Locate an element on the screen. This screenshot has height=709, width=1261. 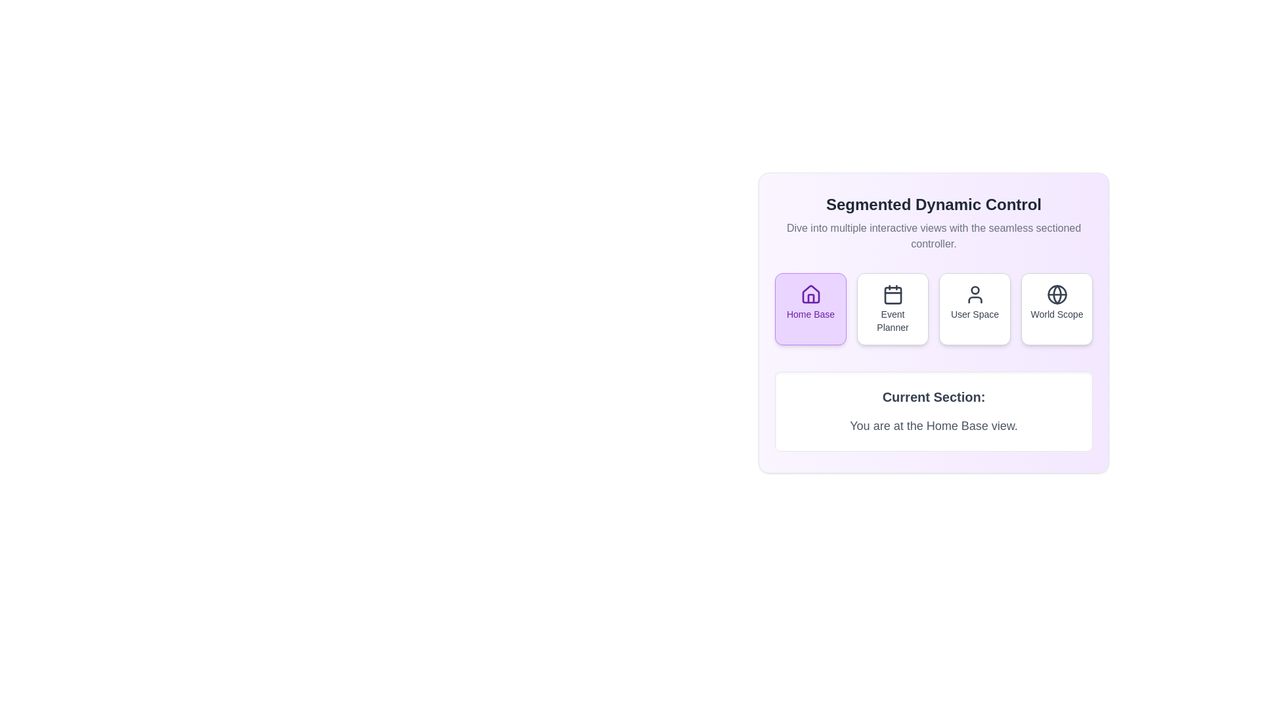
the static textual informational component that displays 'Current Section:' and 'You are at the Home Base view.' is located at coordinates (933, 411).